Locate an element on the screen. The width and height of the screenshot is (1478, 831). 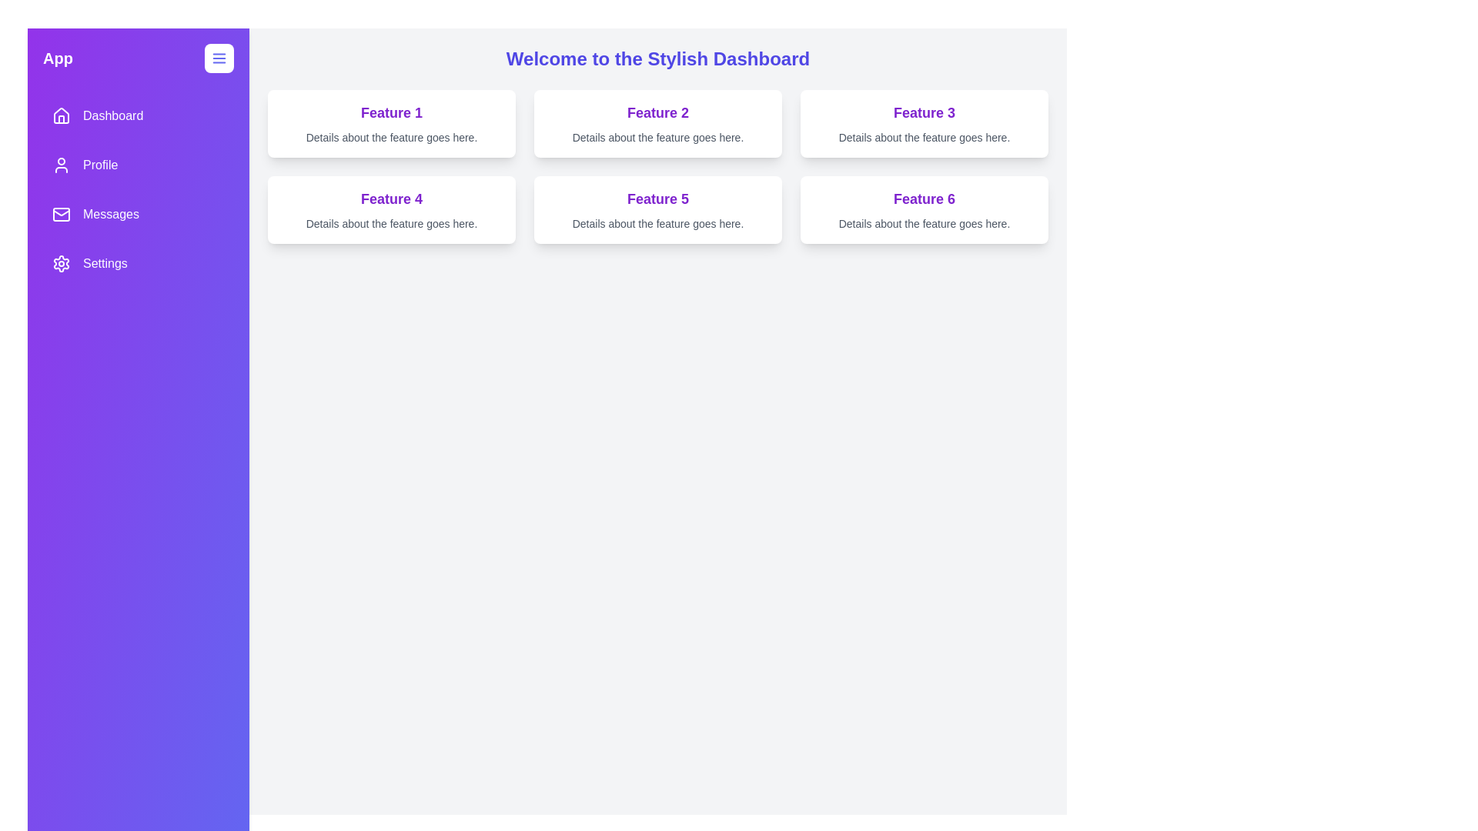
the Informational card displaying information about 'Feature 3', which is located in the top row of a three-column grid, to the right of 'Feature 2' is located at coordinates (924, 123).